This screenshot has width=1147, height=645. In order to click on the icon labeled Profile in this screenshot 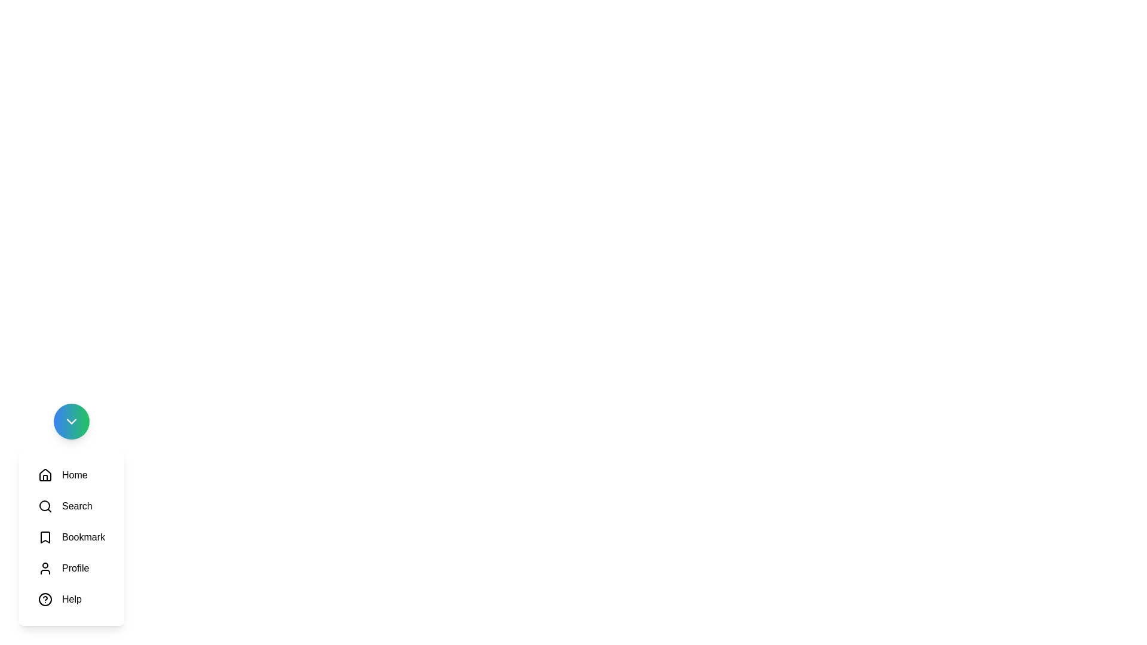, I will do `click(63, 568)`.